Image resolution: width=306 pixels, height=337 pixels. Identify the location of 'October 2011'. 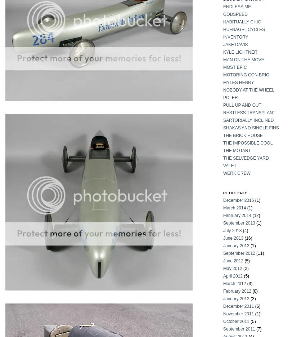
(236, 321).